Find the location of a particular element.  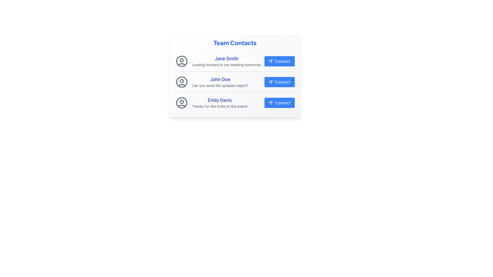

the text element reading 'Thanks for the invite to the event!' which is styled in gray color and located below 'Emily Davis' in the 'Team Contacts' list is located at coordinates (220, 106).